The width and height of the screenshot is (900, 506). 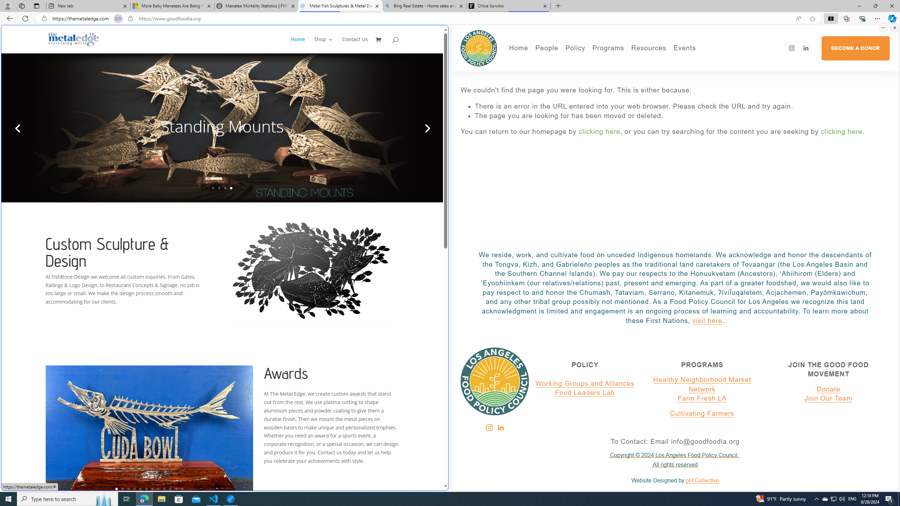 What do you see at coordinates (855, 48) in the screenshot?
I see `'BECOME A DONOR'` at bounding box center [855, 48].